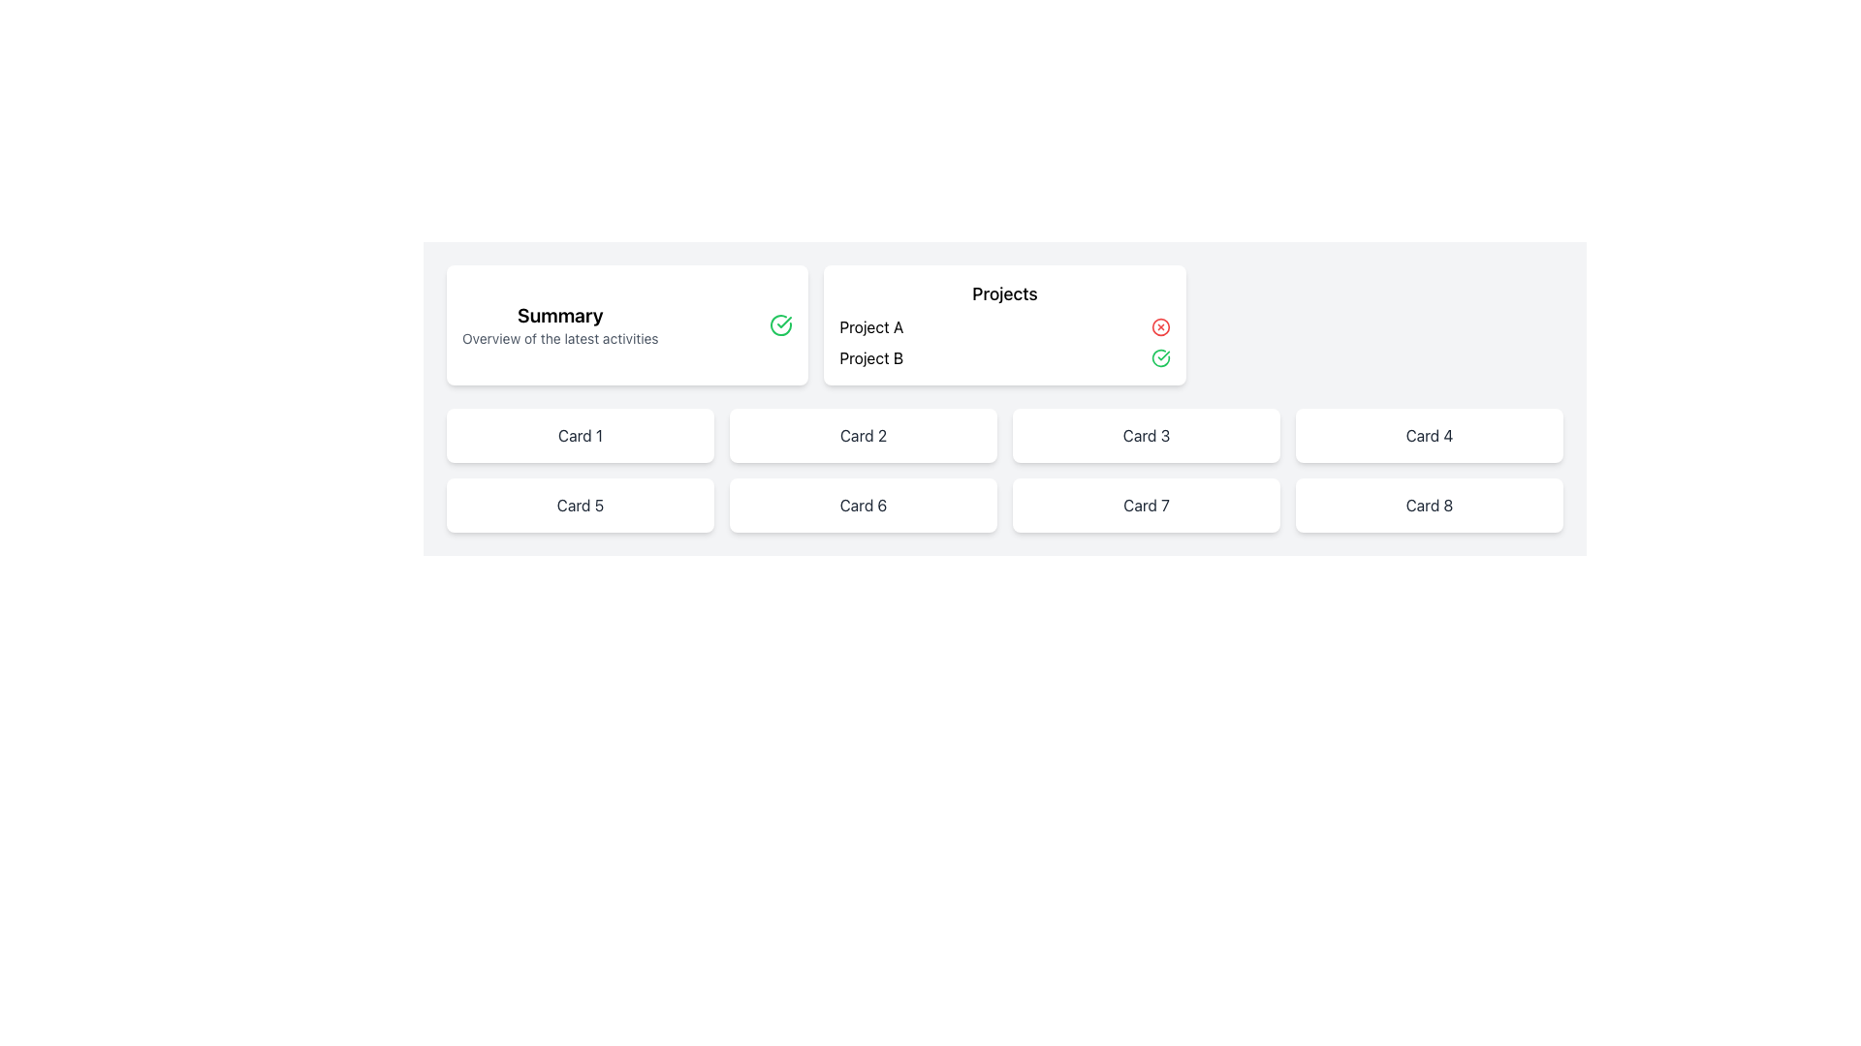 The width and height of the screenshot is (1861, 1046). I want to click on information presented in the second card that displays a categorized list of projects, located centrally between the 'Summary' card and other elements, so click(1004, 323).